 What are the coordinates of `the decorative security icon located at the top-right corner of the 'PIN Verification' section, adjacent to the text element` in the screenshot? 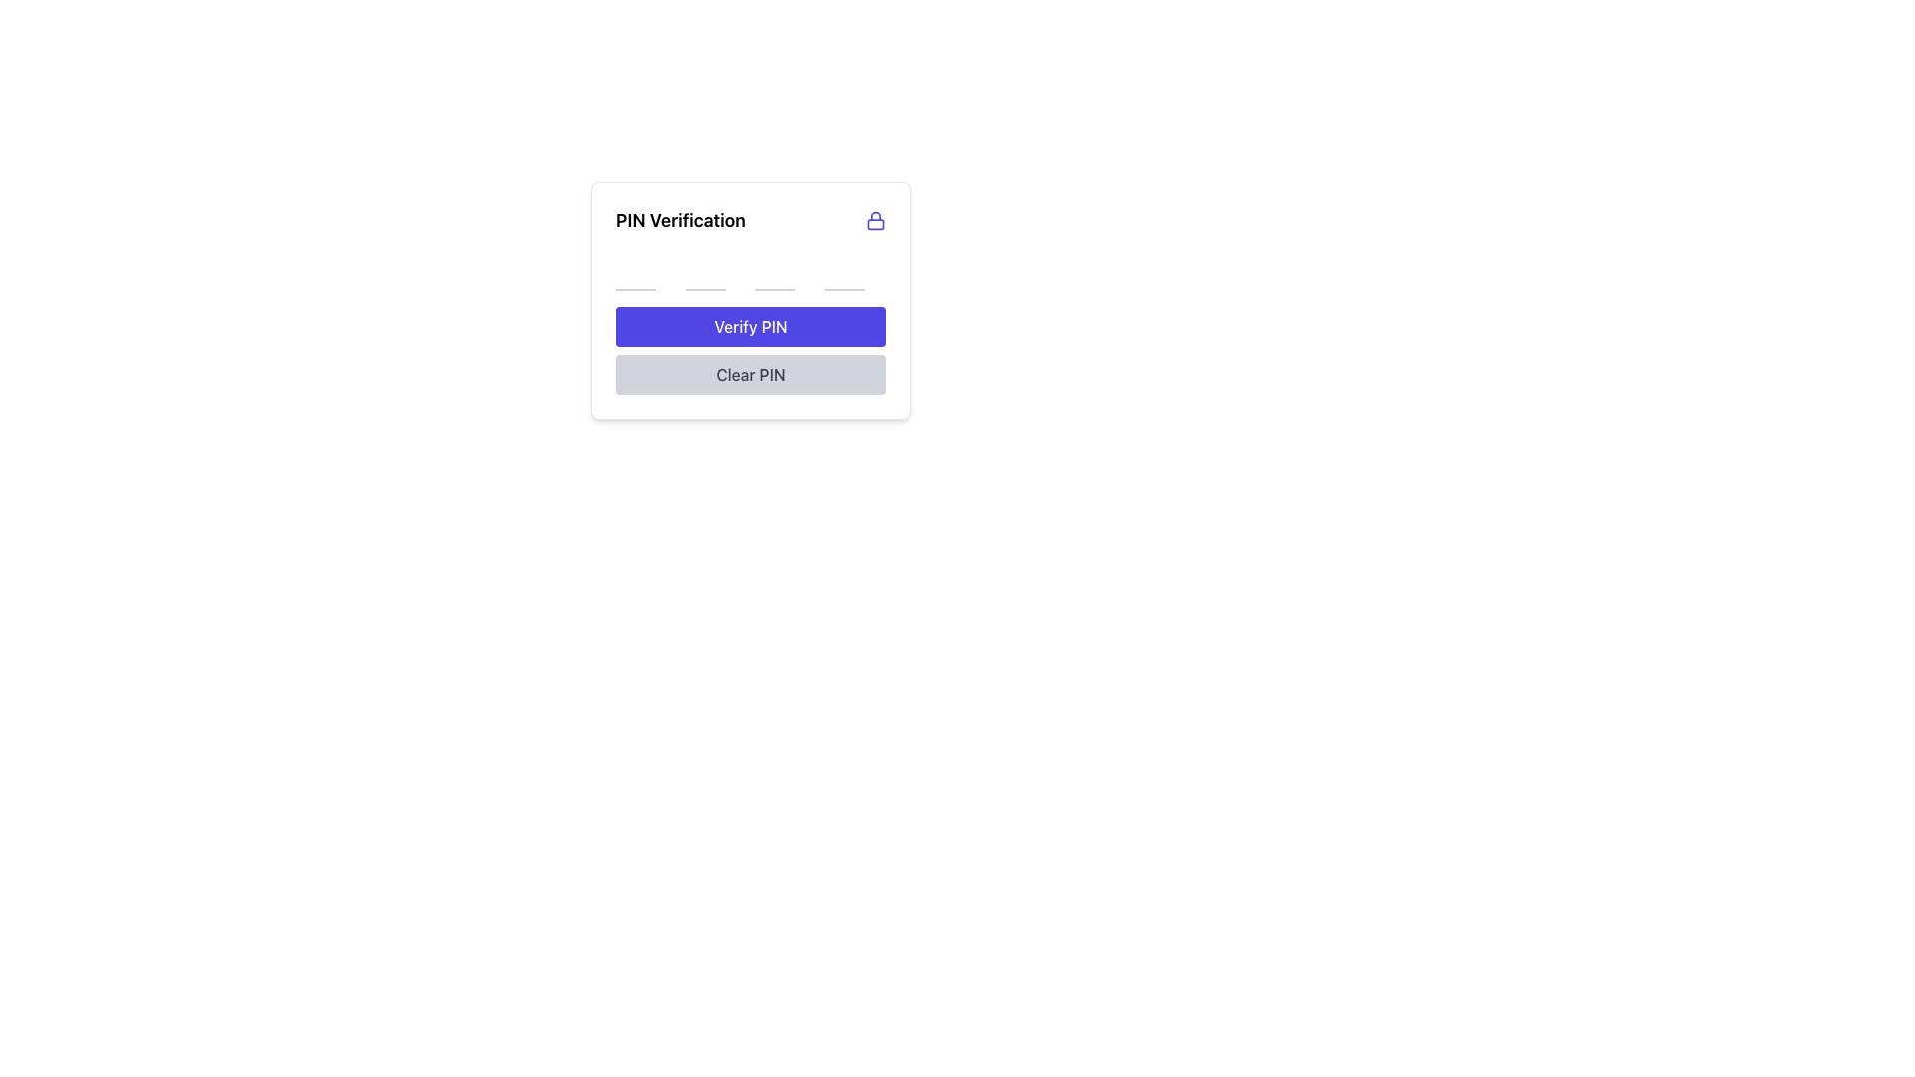 It's located at (876, 221).